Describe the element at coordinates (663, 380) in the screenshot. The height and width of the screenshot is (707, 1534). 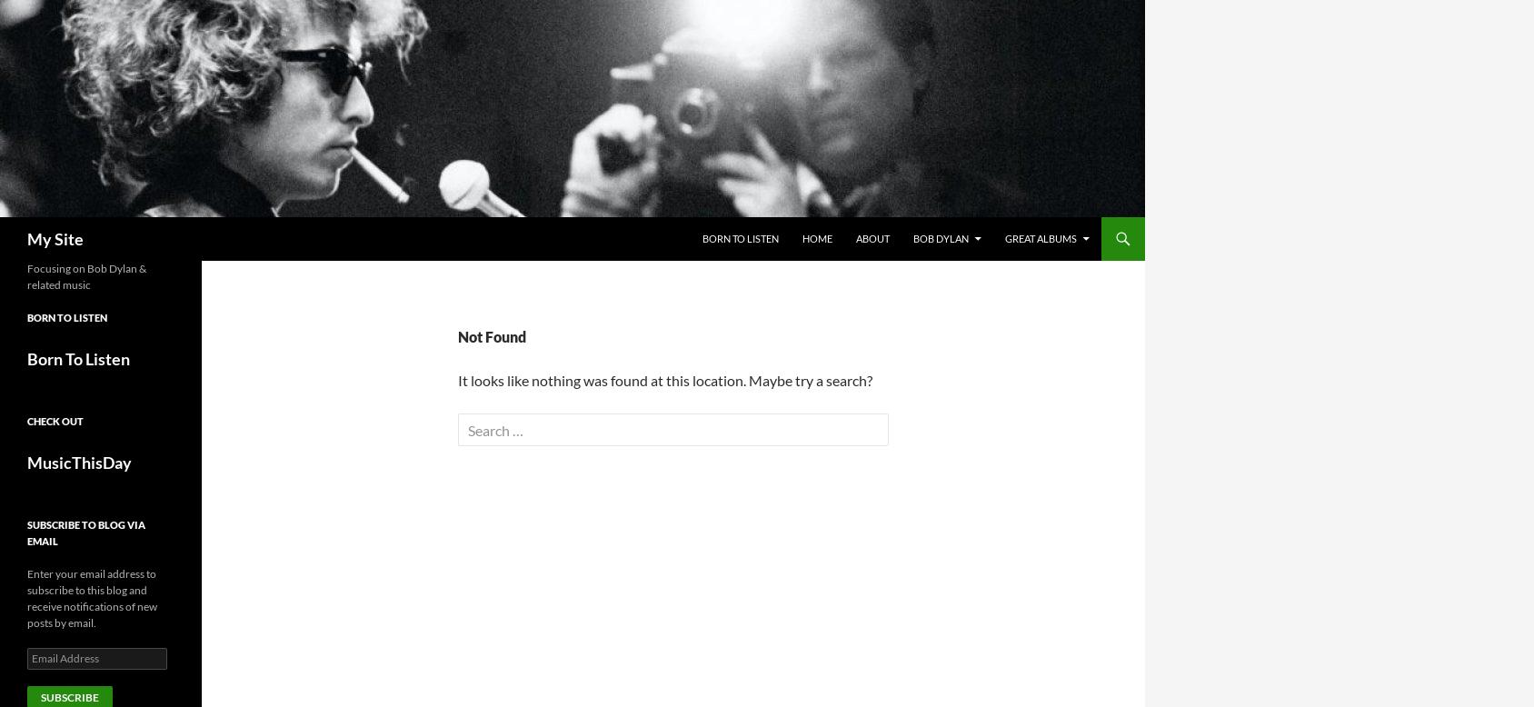
I see `'It looks like nothing was found at this location. Maybe try a search?'` at that location.